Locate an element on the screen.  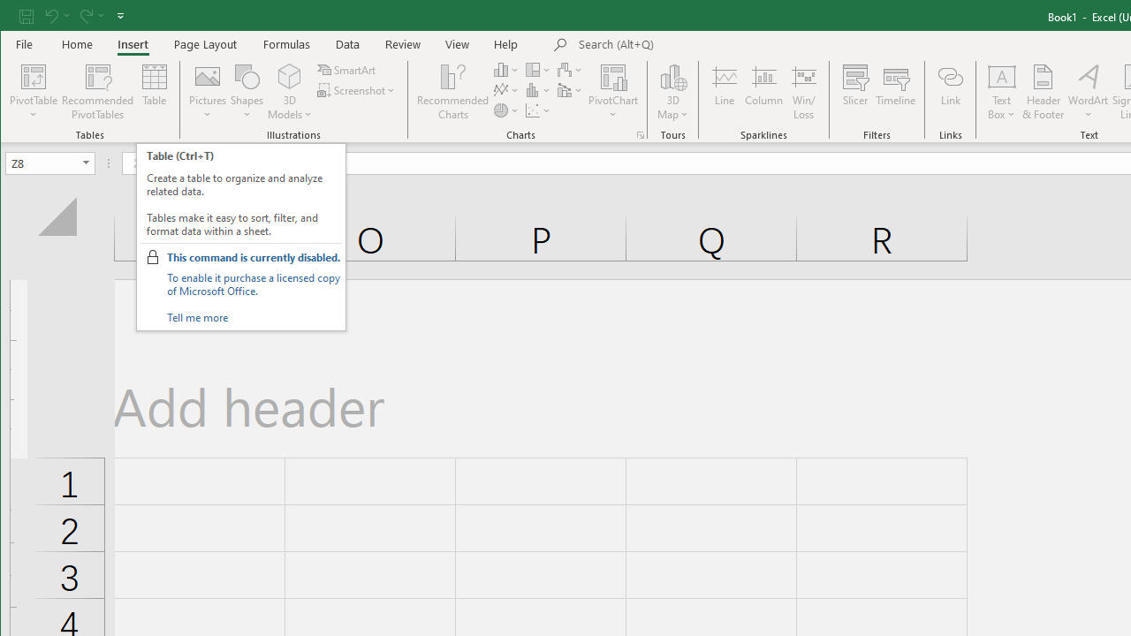
'Recommended PivotTables' is located at coordinates (96, 92).